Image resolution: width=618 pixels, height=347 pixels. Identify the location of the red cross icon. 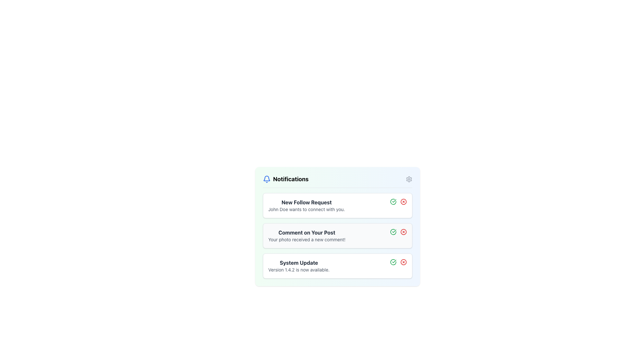
(398, 232).